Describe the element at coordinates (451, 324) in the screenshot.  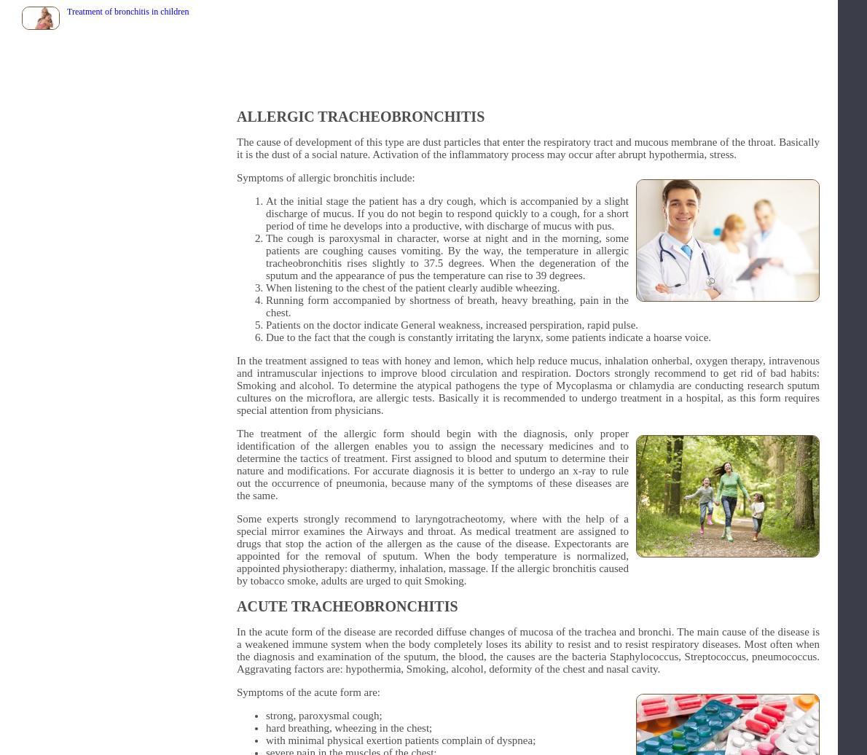
I see `'Patients on the doctor indicate General weakness, increased perspiration, rapid pulse.'` at that location.